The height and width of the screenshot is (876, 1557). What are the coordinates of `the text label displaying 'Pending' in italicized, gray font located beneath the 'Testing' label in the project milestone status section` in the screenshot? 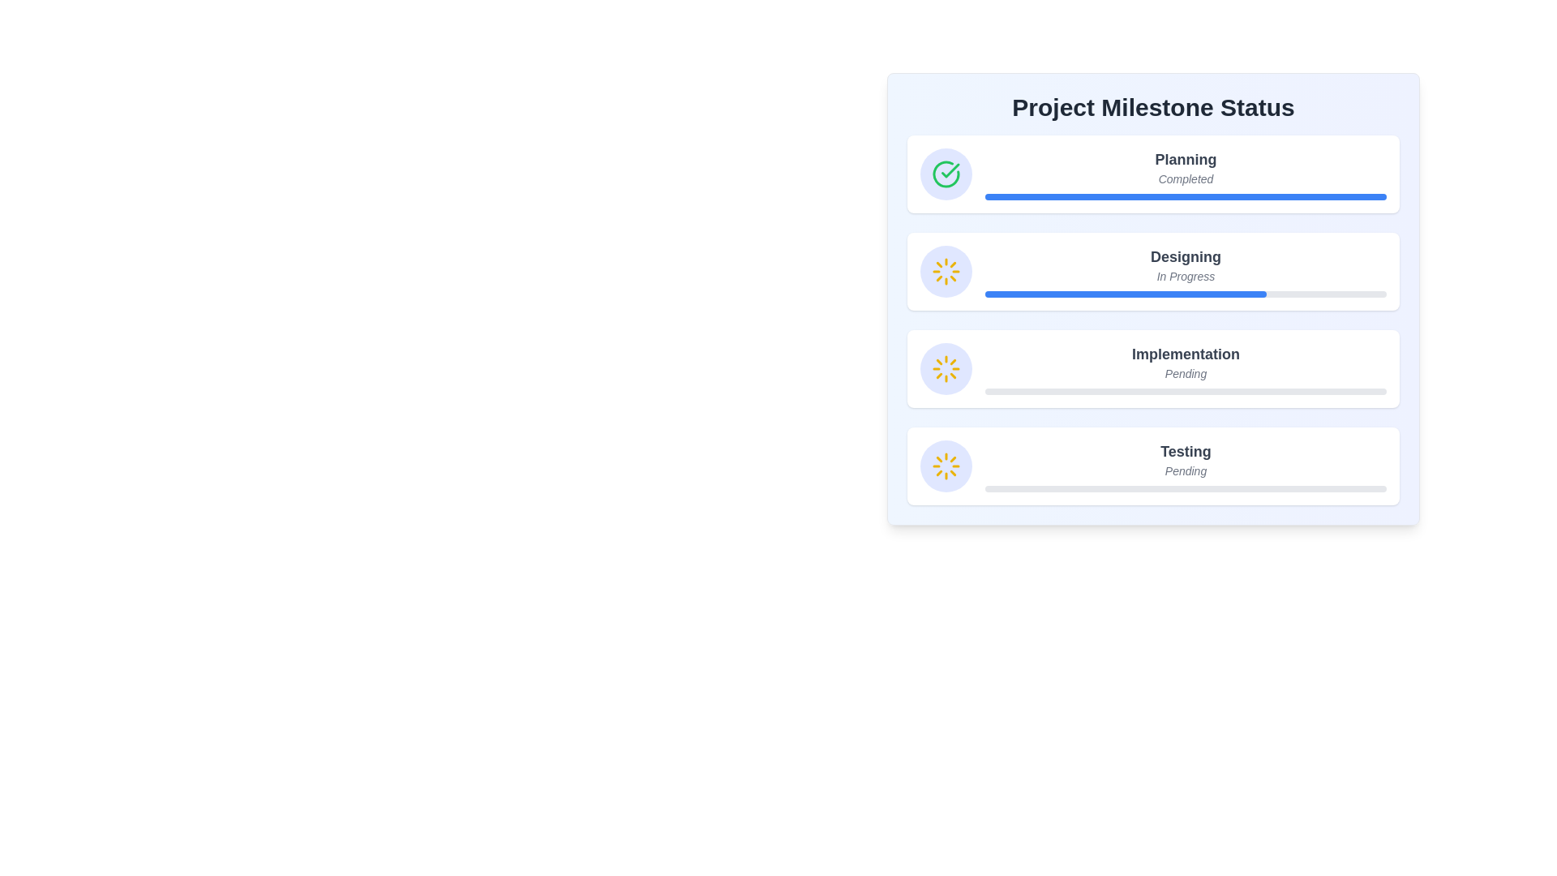 It's located at (1186, 471).